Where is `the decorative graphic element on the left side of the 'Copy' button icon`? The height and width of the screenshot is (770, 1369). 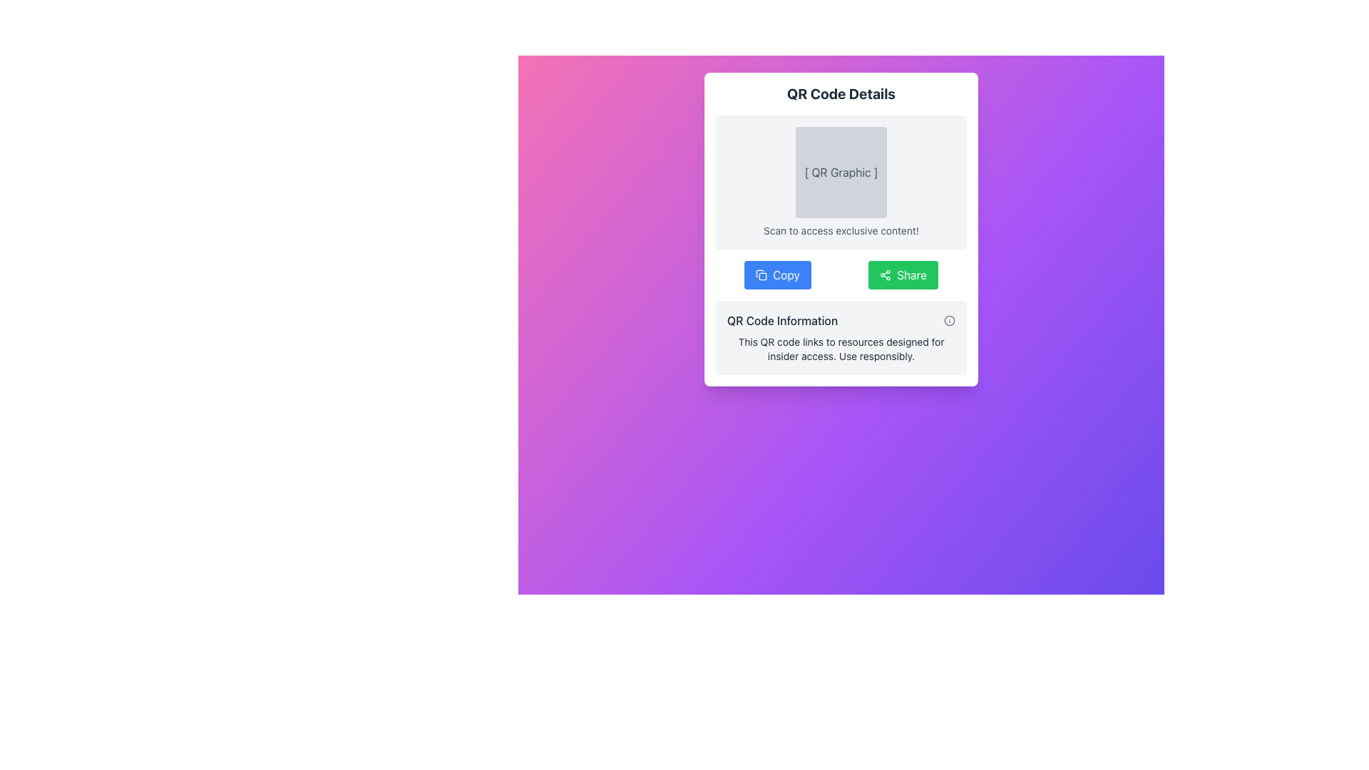 the decorative graphic element on the left side of the 'Copy' button icon is located at coordinates (759, 274).